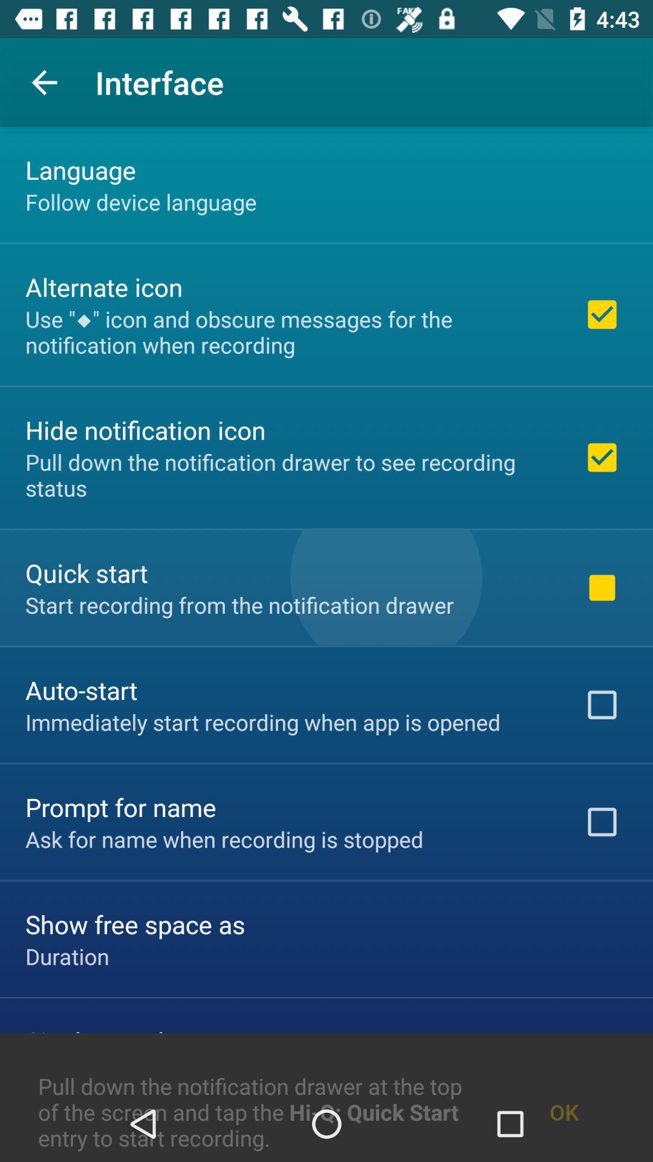 The width and height of the screenshot is (653, 1162). What do you see at coordinates (103, 286) in the screenshot?
I see `the alternate icon icon` at bounding box center [103, 286].